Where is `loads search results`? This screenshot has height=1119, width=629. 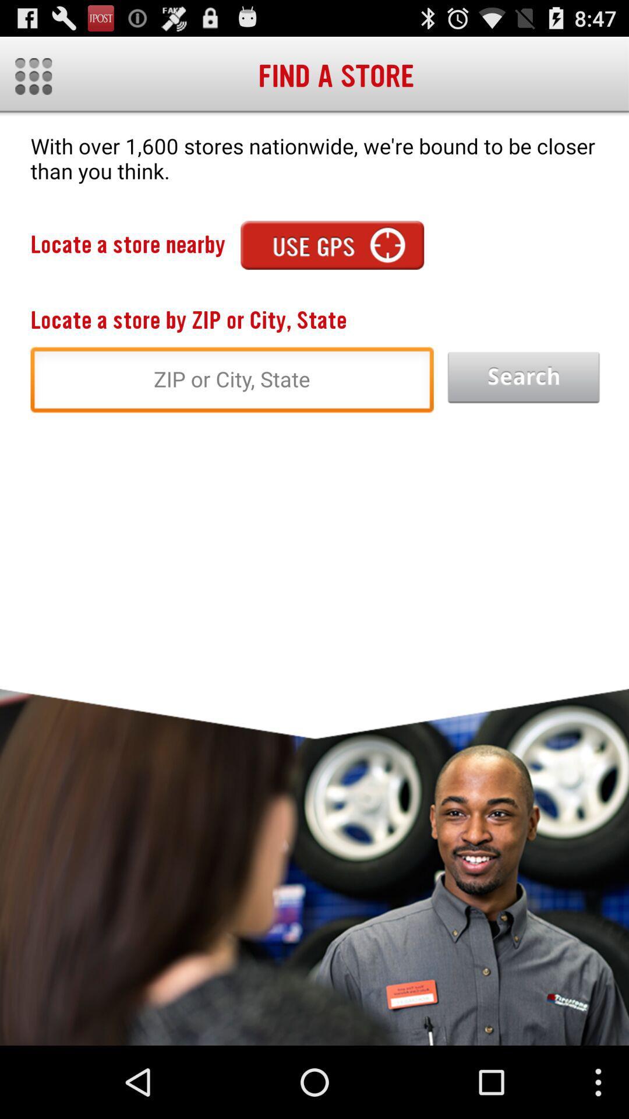 loads search results is located at coordinates (523, 378).